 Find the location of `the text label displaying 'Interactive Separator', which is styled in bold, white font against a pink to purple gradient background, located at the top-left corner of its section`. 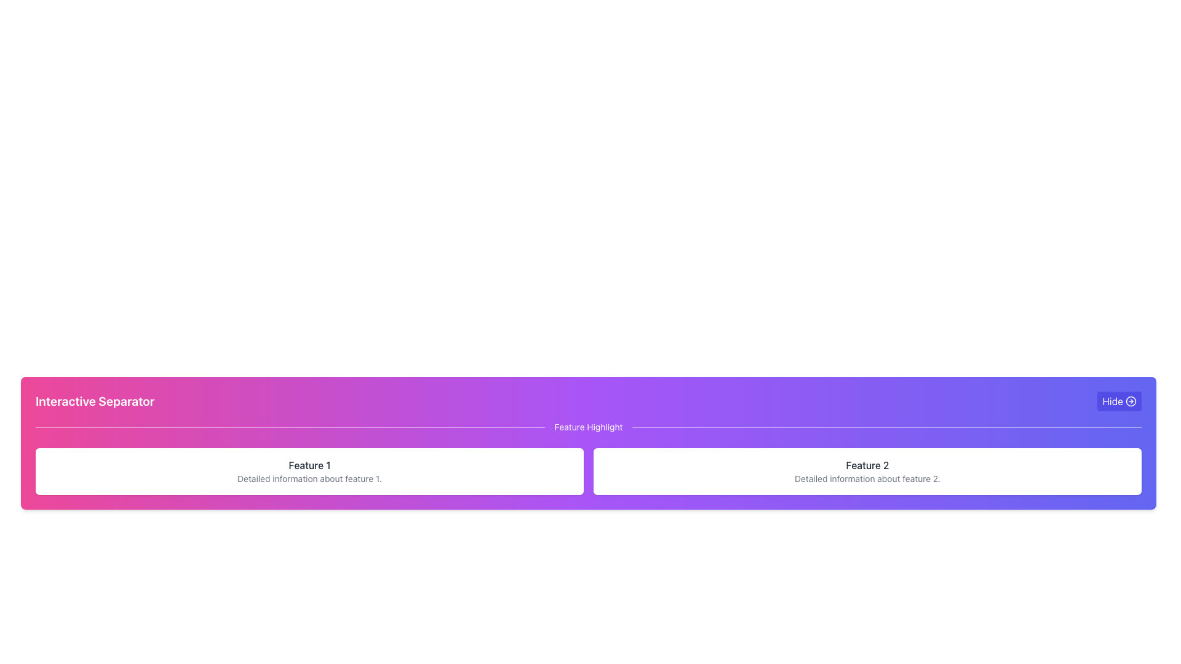

the text label displaying 'Interactive Separator', which is styled in bold, white font against a pink to purple gradient background, located at the top-left corner of its section is located at coordinates (94, 401).